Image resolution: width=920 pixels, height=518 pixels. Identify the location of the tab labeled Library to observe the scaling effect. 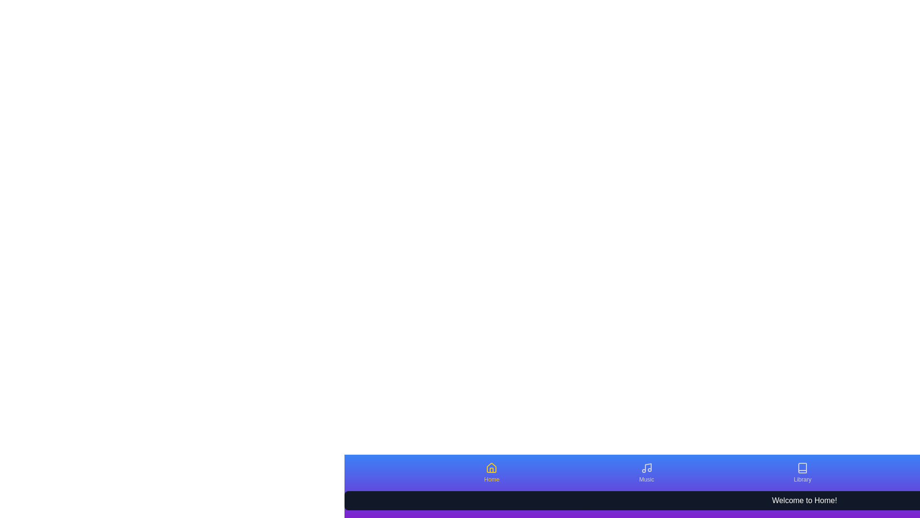
(803, 472).